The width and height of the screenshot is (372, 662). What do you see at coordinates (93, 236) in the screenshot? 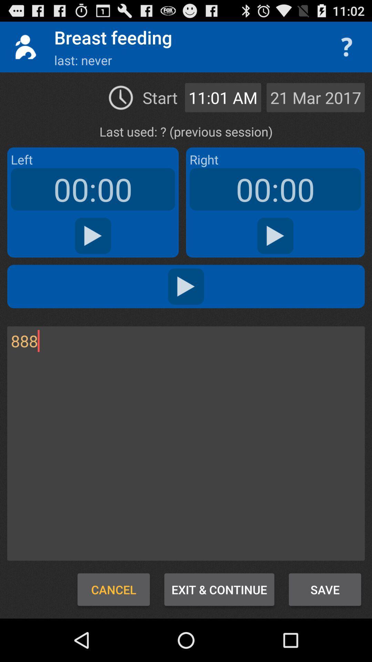
I see `play option` at bounding box center [93, 236].